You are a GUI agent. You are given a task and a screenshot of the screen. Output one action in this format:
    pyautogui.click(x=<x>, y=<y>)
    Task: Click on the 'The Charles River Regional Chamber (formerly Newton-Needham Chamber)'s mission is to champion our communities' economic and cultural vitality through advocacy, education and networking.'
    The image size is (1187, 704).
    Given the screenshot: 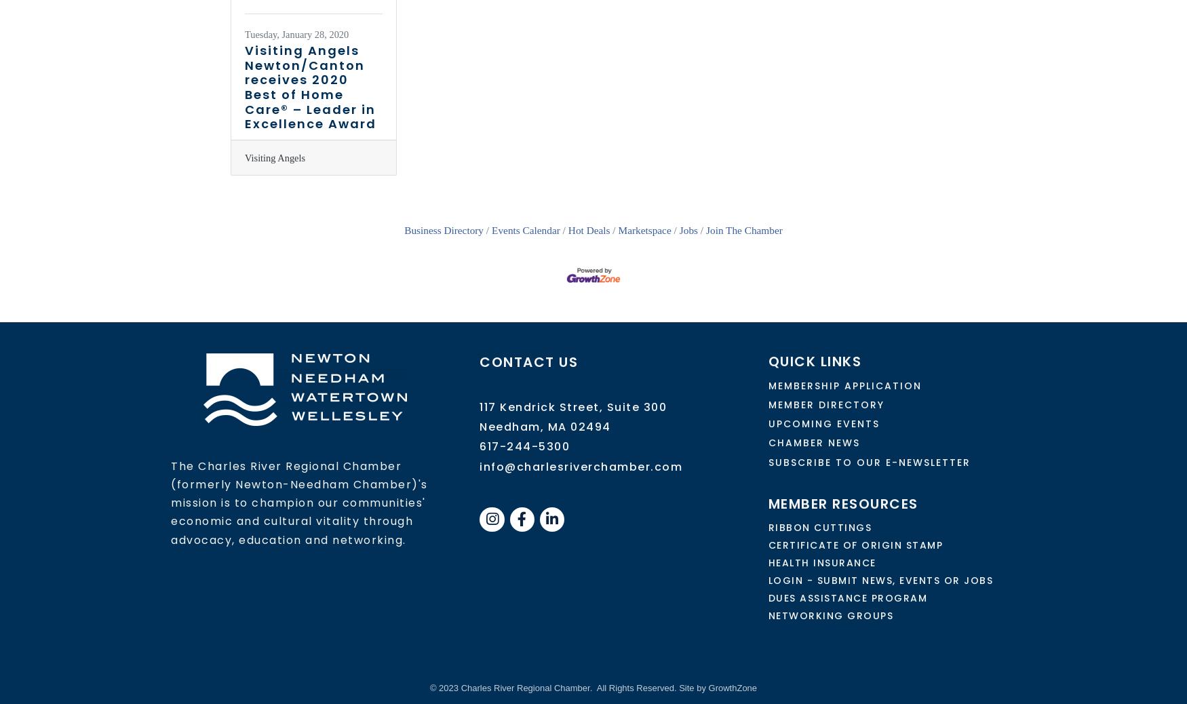 What is the action you would take?
    pyautogui.click(x=170, y=502)
    